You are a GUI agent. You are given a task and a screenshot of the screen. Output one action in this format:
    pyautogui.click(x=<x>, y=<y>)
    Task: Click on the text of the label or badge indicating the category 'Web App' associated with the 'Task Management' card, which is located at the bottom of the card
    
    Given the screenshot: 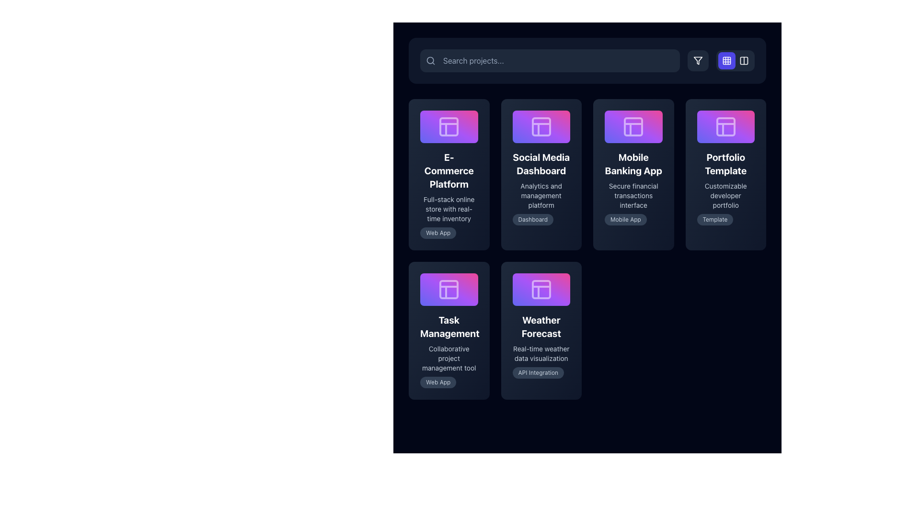 What is the action you would take?
    pyautogui.click(x=448, y=382)
    